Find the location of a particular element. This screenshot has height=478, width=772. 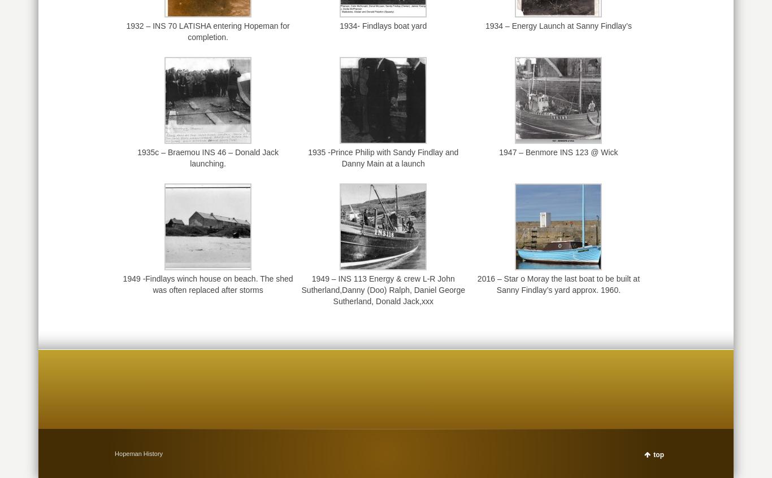

'1934- Findlays boat yard' is located at coordinates (339, 25).